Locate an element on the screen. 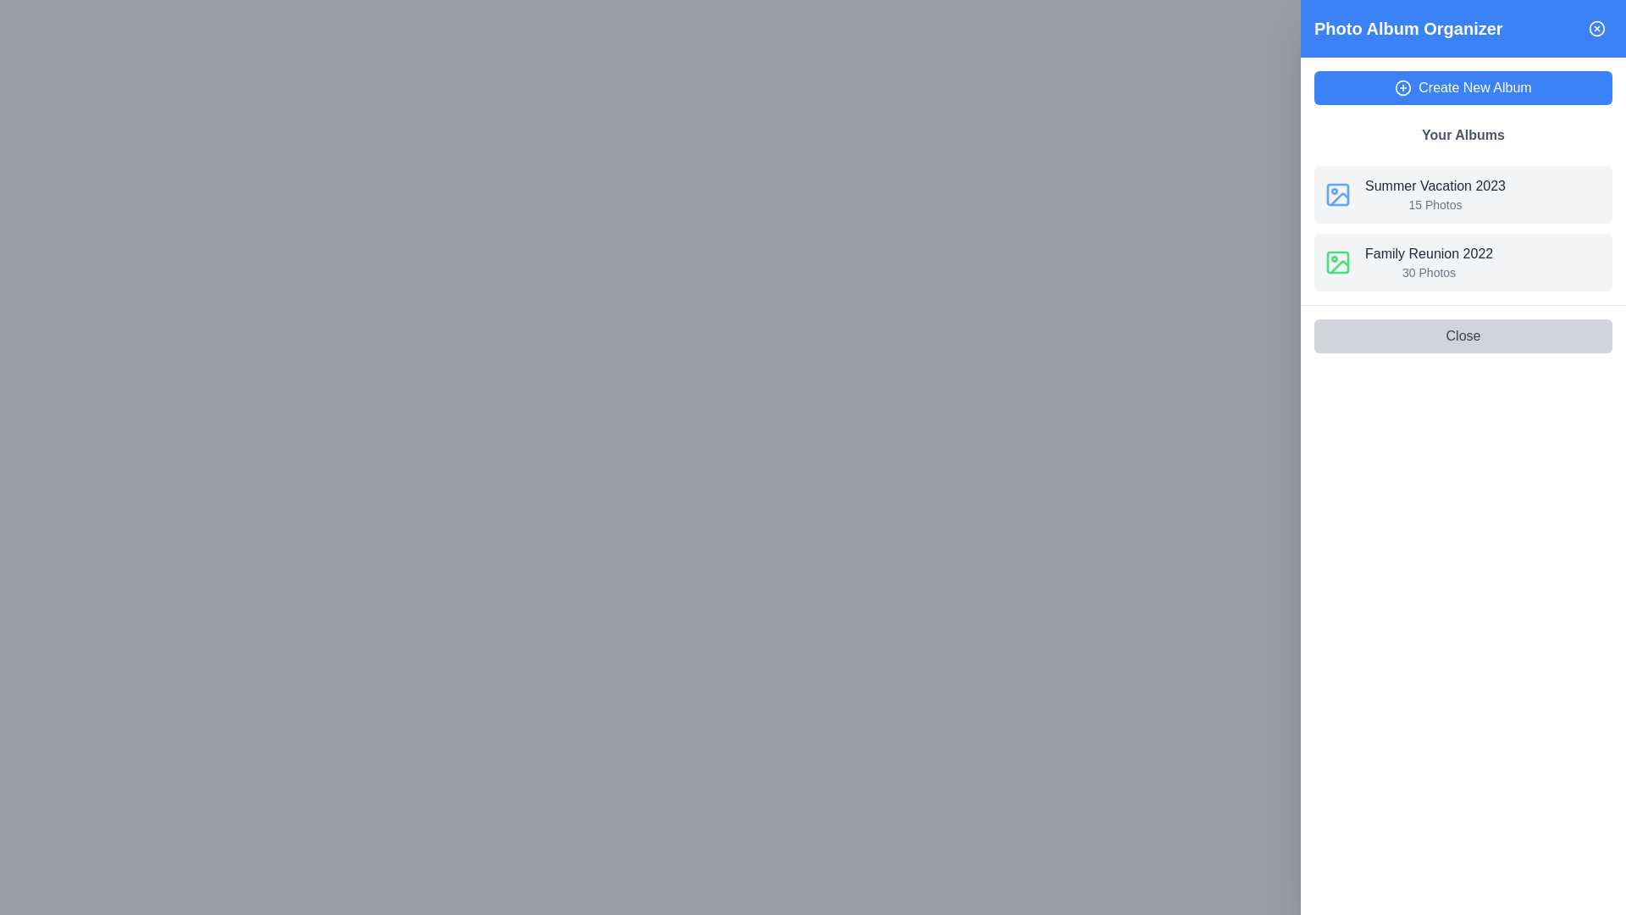 Image resolution: width=1626 pixels, height=915 pixels. the static text label that describes the number of photos in the 'Summer Vacation 2023' album, located under the album title in the right-hand sidebar is located at coordinates (1434, 204).